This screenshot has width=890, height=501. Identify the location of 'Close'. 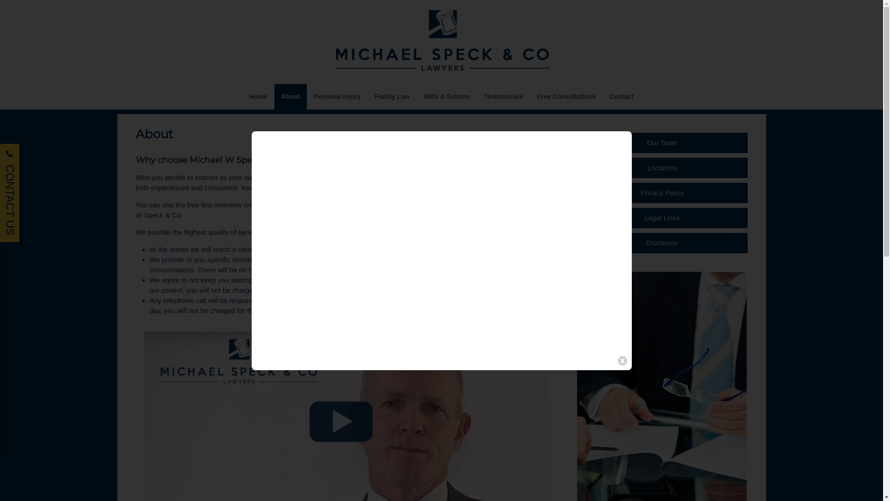
(622, 360).